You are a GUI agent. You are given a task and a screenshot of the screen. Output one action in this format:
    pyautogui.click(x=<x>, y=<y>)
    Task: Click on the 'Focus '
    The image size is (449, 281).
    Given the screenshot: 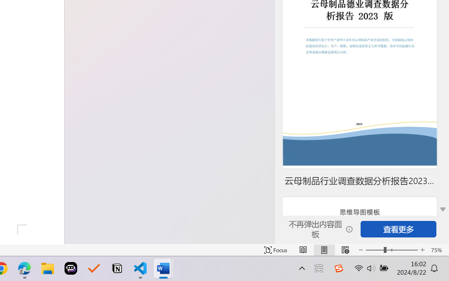 What is the action you would take?
    pyautogui.click(x=275, y=250)
    